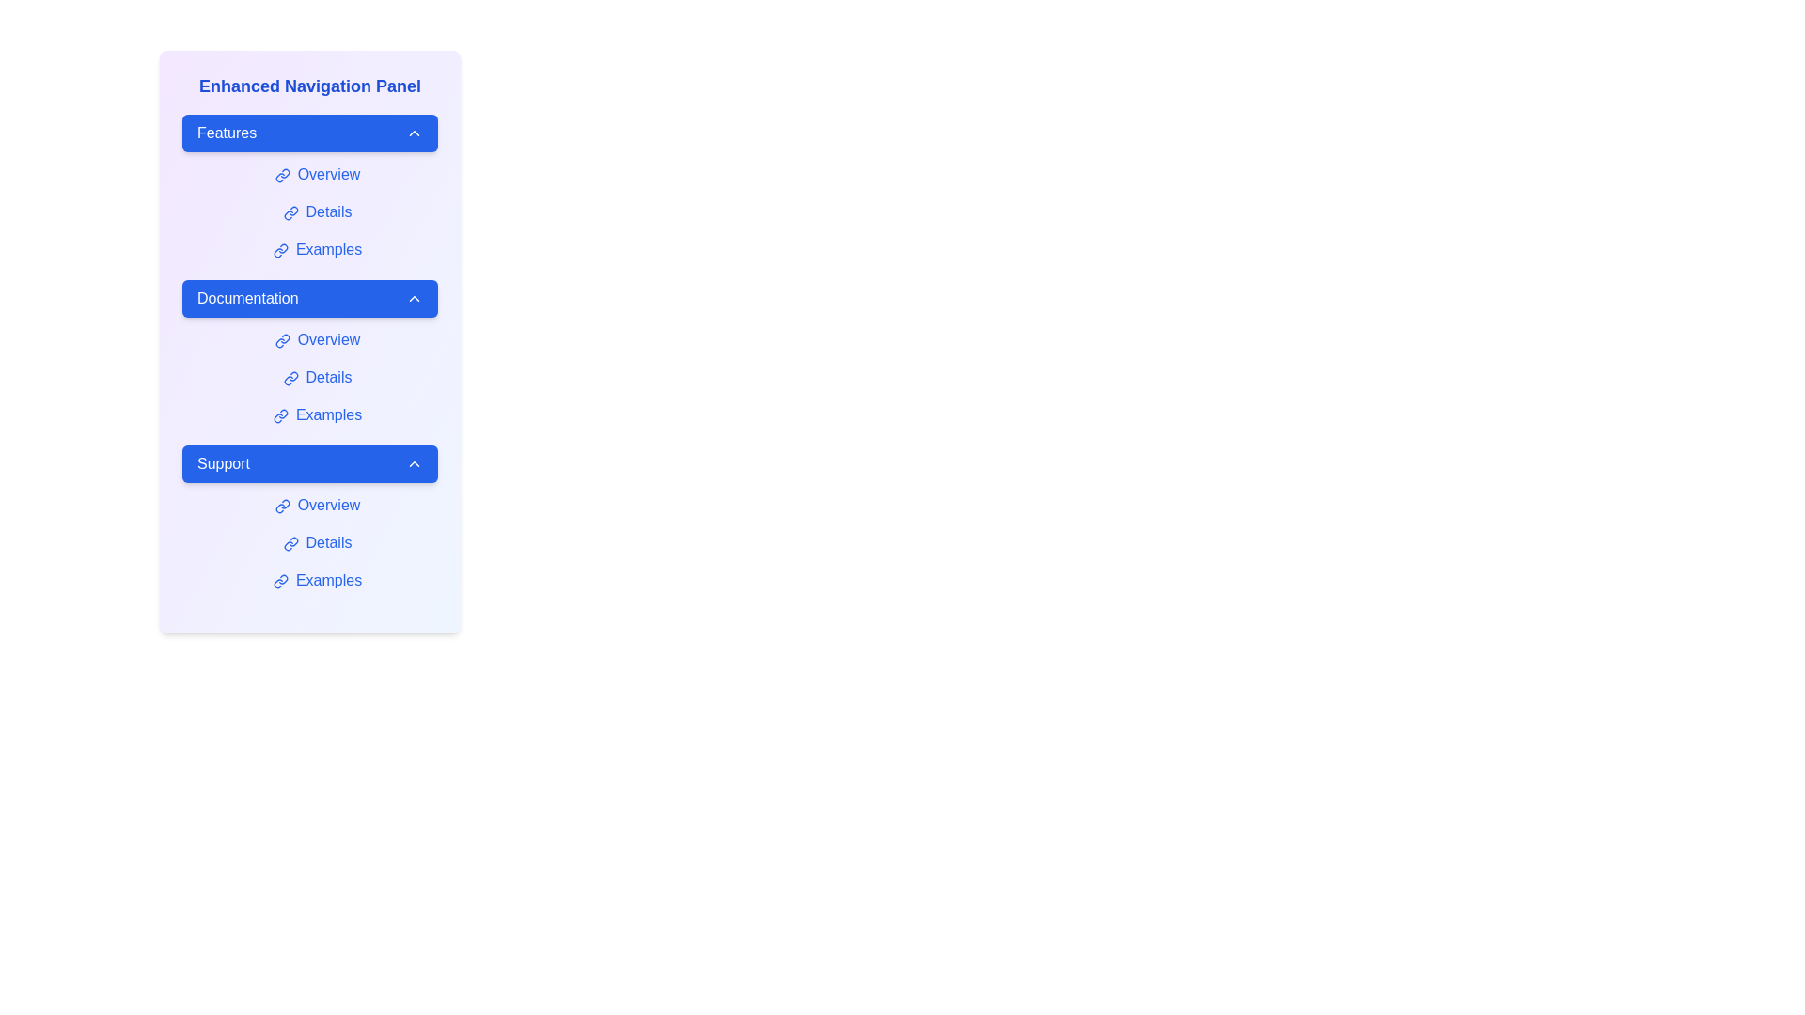 This screenshot has width=1805, height=1015. I want to click on the 'Details' hyperlink located in the 'Support' section, which is styled in blue with an underline effect on hover, so click(317, 543).